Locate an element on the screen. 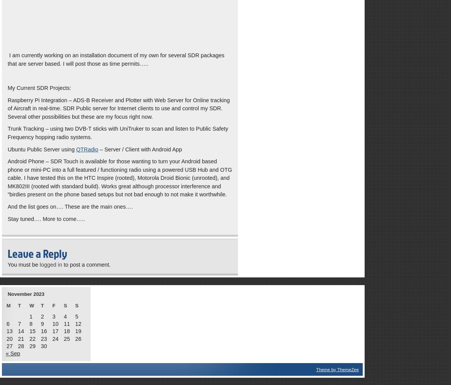 This screenshot has width=451, height=385. 'Android Phone – SDR Touch is available for those wanting to turn your Android based phone or mini-PC into a full featured / functioning radio using a powered USB Hub and OTG cable. I have tested this on the HTC Inspire (rooted), Motorola Droid Bionic (unrooted), and MK802III (rooted with standard build). Works great although processor interference and “birdies present on the phone based setups but not bad enough to not make it worthwhile.' is located at coordinates (119, 178).